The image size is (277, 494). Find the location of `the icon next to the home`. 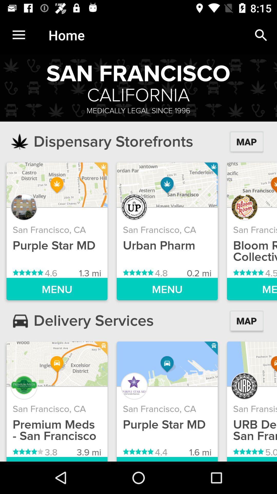

the icon next to the home is located at coordinates (261, 35).